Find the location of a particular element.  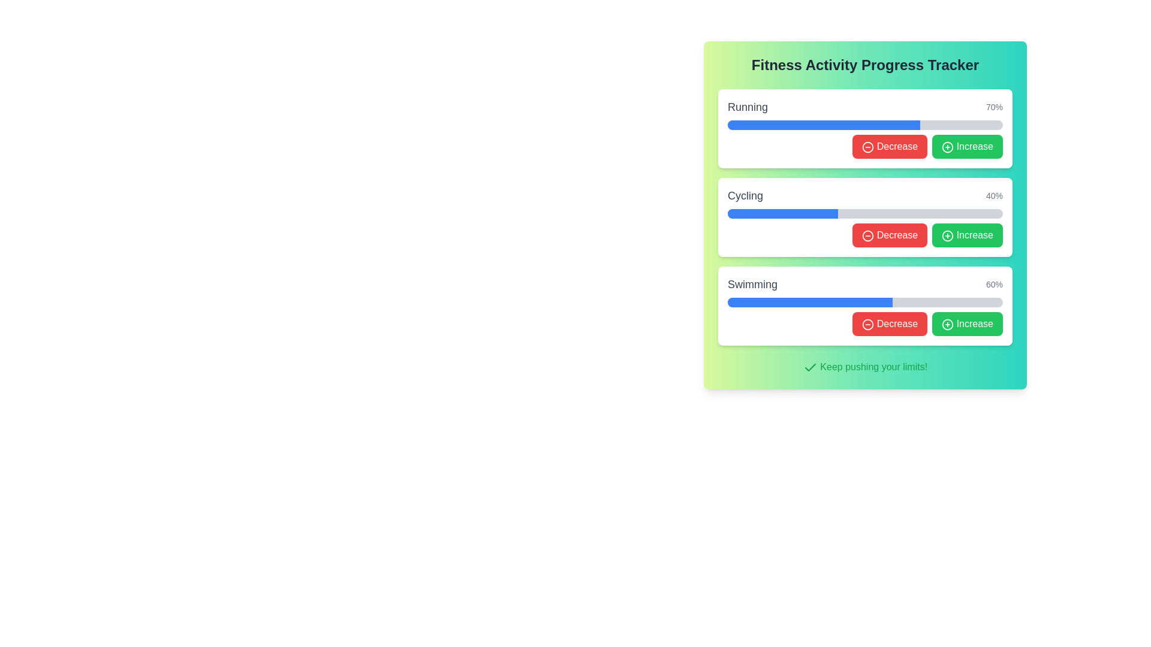

the 'decrease' icon located inside the 'Decrease' button in the first row of the activity tracker for 'Running' is located at coordinates (868, 146).